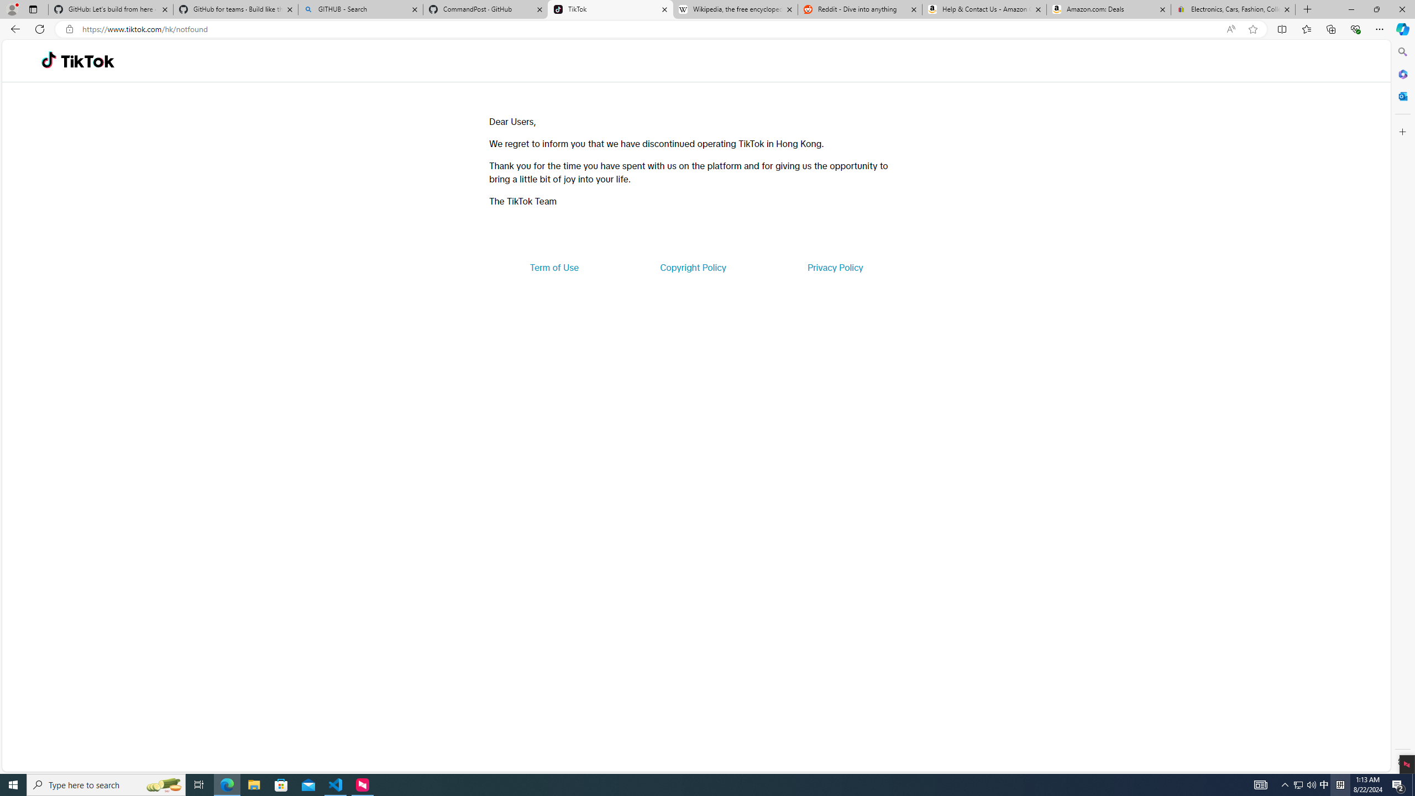 Image resolution: width=1415 pixels, height=796 pixels. Describe the element at coordinates (692, 266) in the screenshot. I see `'Copyright Policy'` at that location.